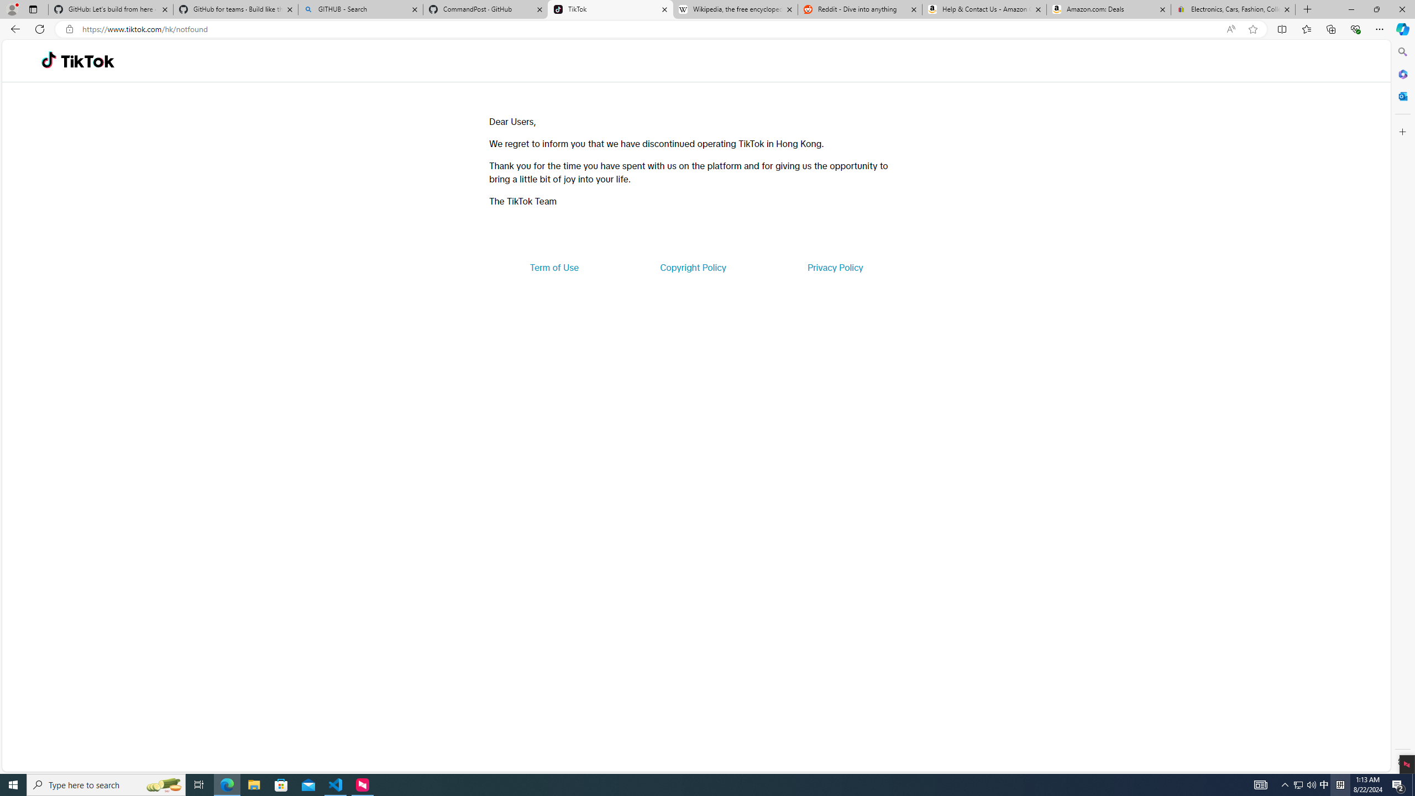 Image resolution: width=1415 pixels, height=796 pixels. Describe the element at coordinates (692, 266) in the screenshot. I see `'Copyright Policy'` at that location.